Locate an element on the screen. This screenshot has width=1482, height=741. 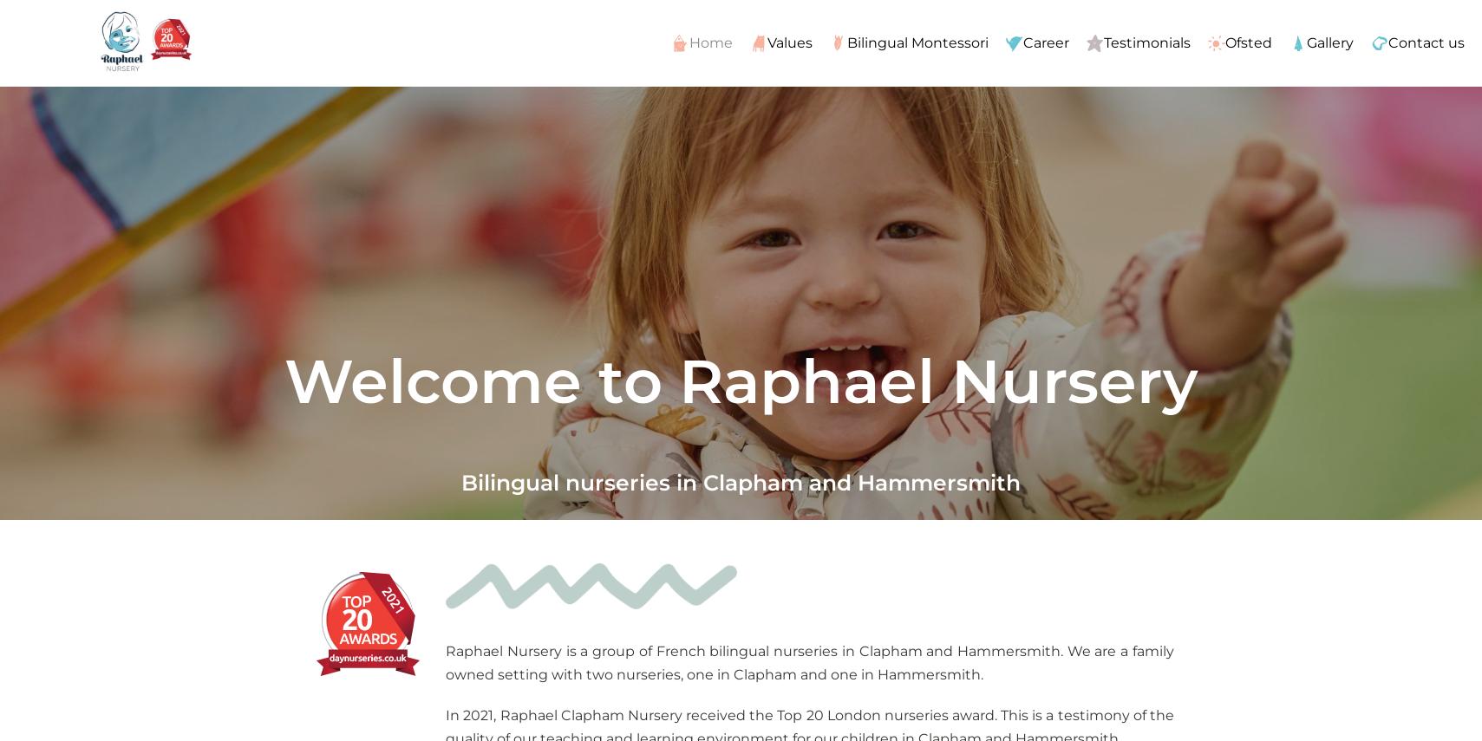
'Bilingual Montessori' is located at coordinates (917, 41).